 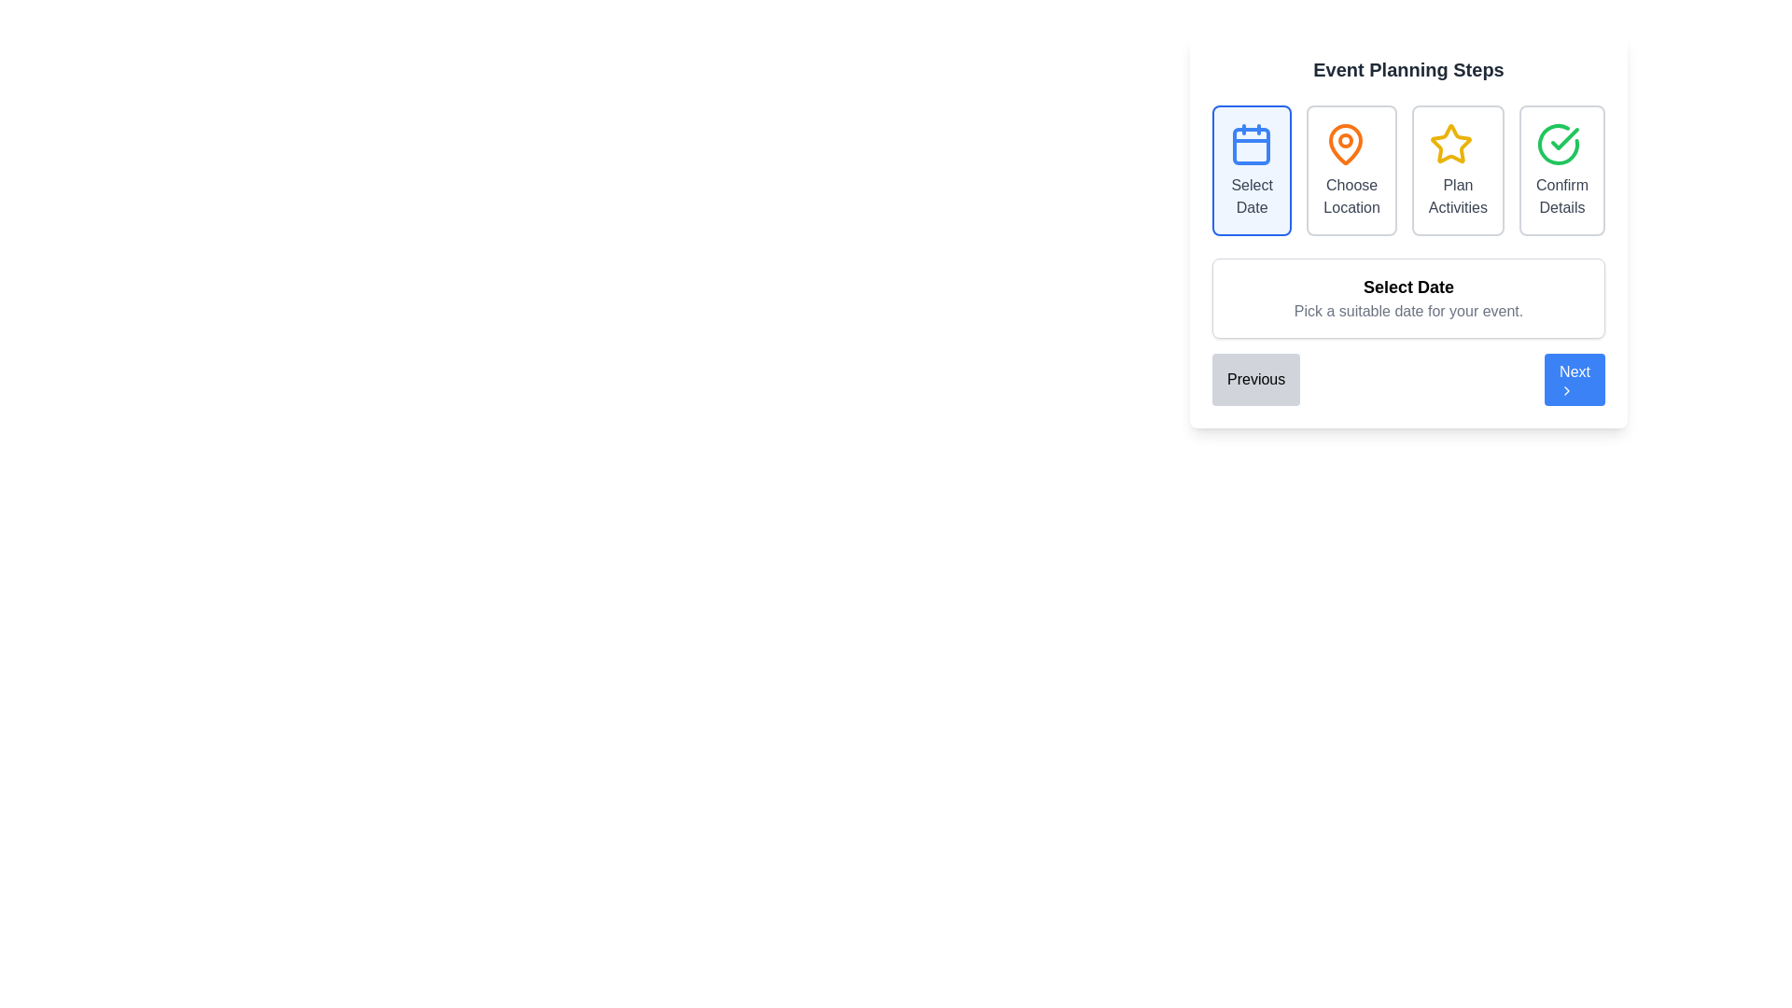 I want to click on the orange location pin icon, which is part of the 'Choose Location' button in the 'Event Planning Steps' interface, so click(x=1351, y=143).